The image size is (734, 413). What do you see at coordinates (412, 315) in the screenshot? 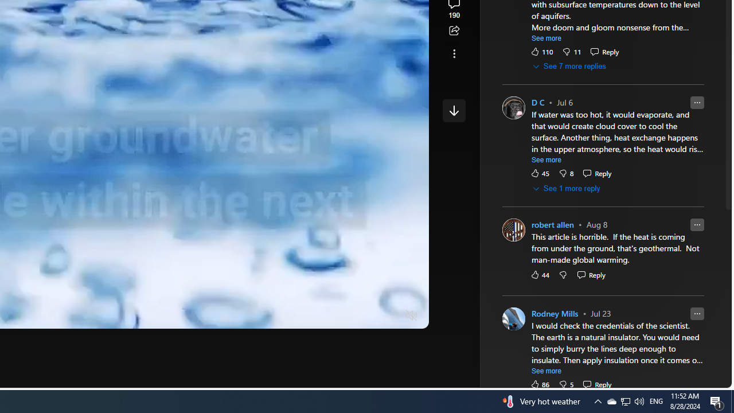
I see `'Unmute'` at bounding box center [412, 315].